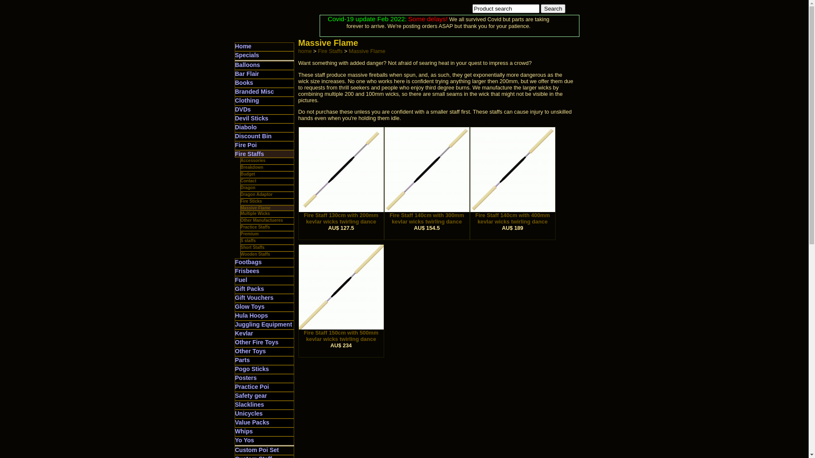  Describe the element at coordinates (261, 220) in the screenshot. I see `'Other Manufactueres'` at that location.